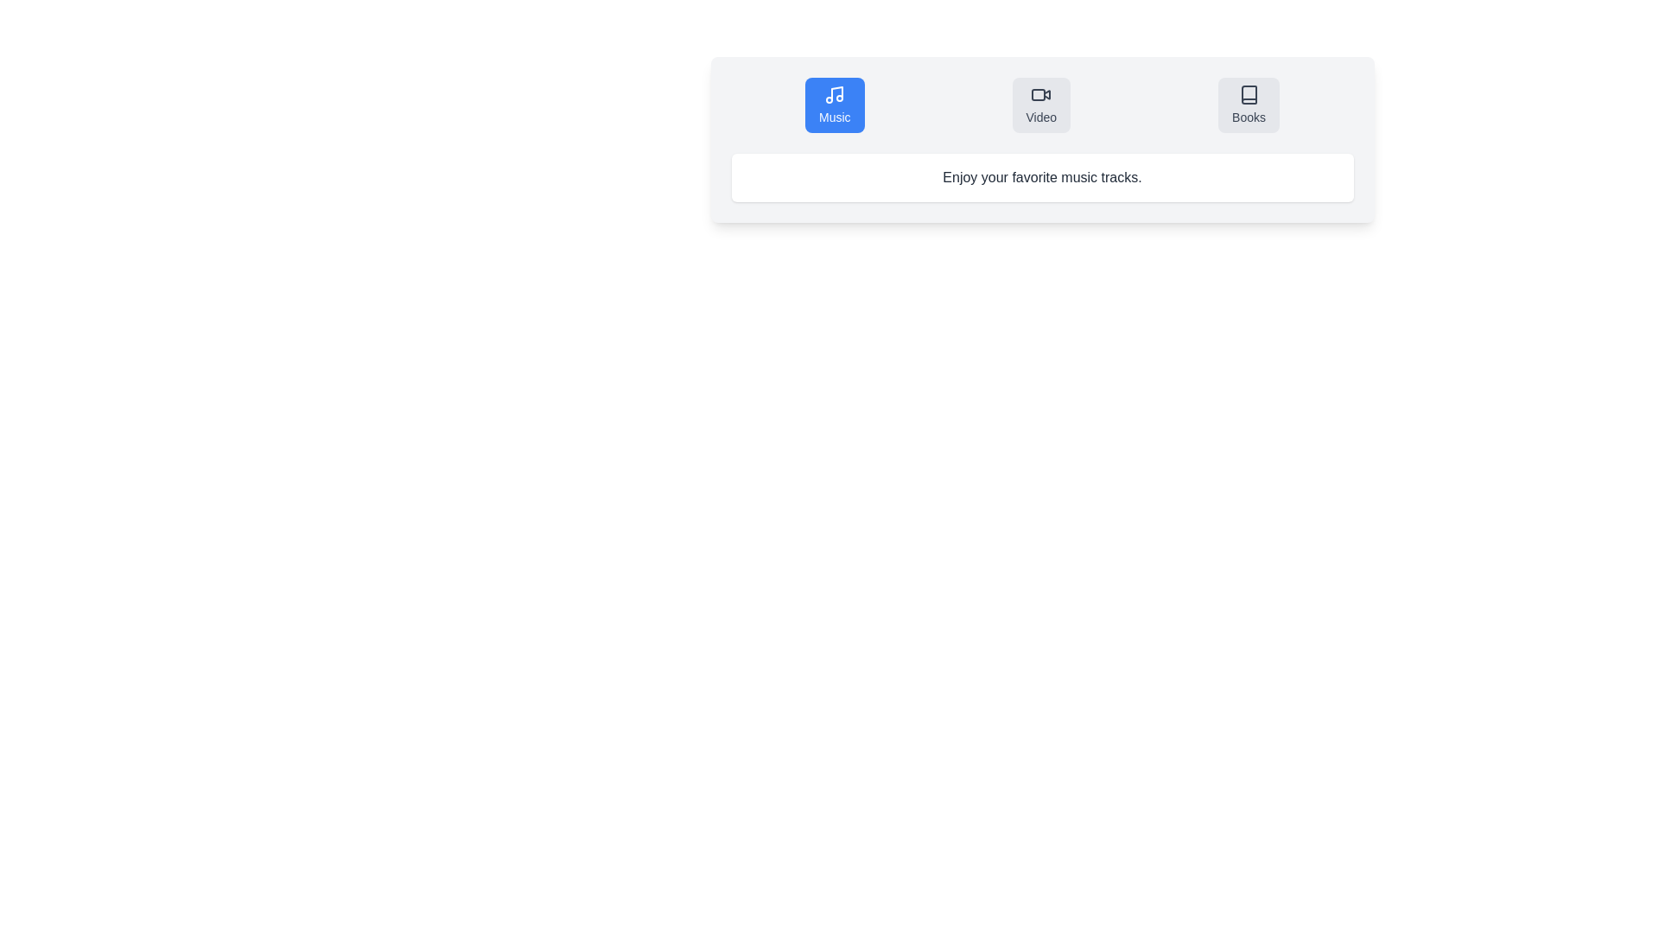 Image resolution: width=1659 pixels, height=933 pixels. Describe the element at coordinates (1249, 105) in the screenshot. I see `the compact rectangular button with rounded corners, featuring a black book icon and the word 'Books' below it` at that location.